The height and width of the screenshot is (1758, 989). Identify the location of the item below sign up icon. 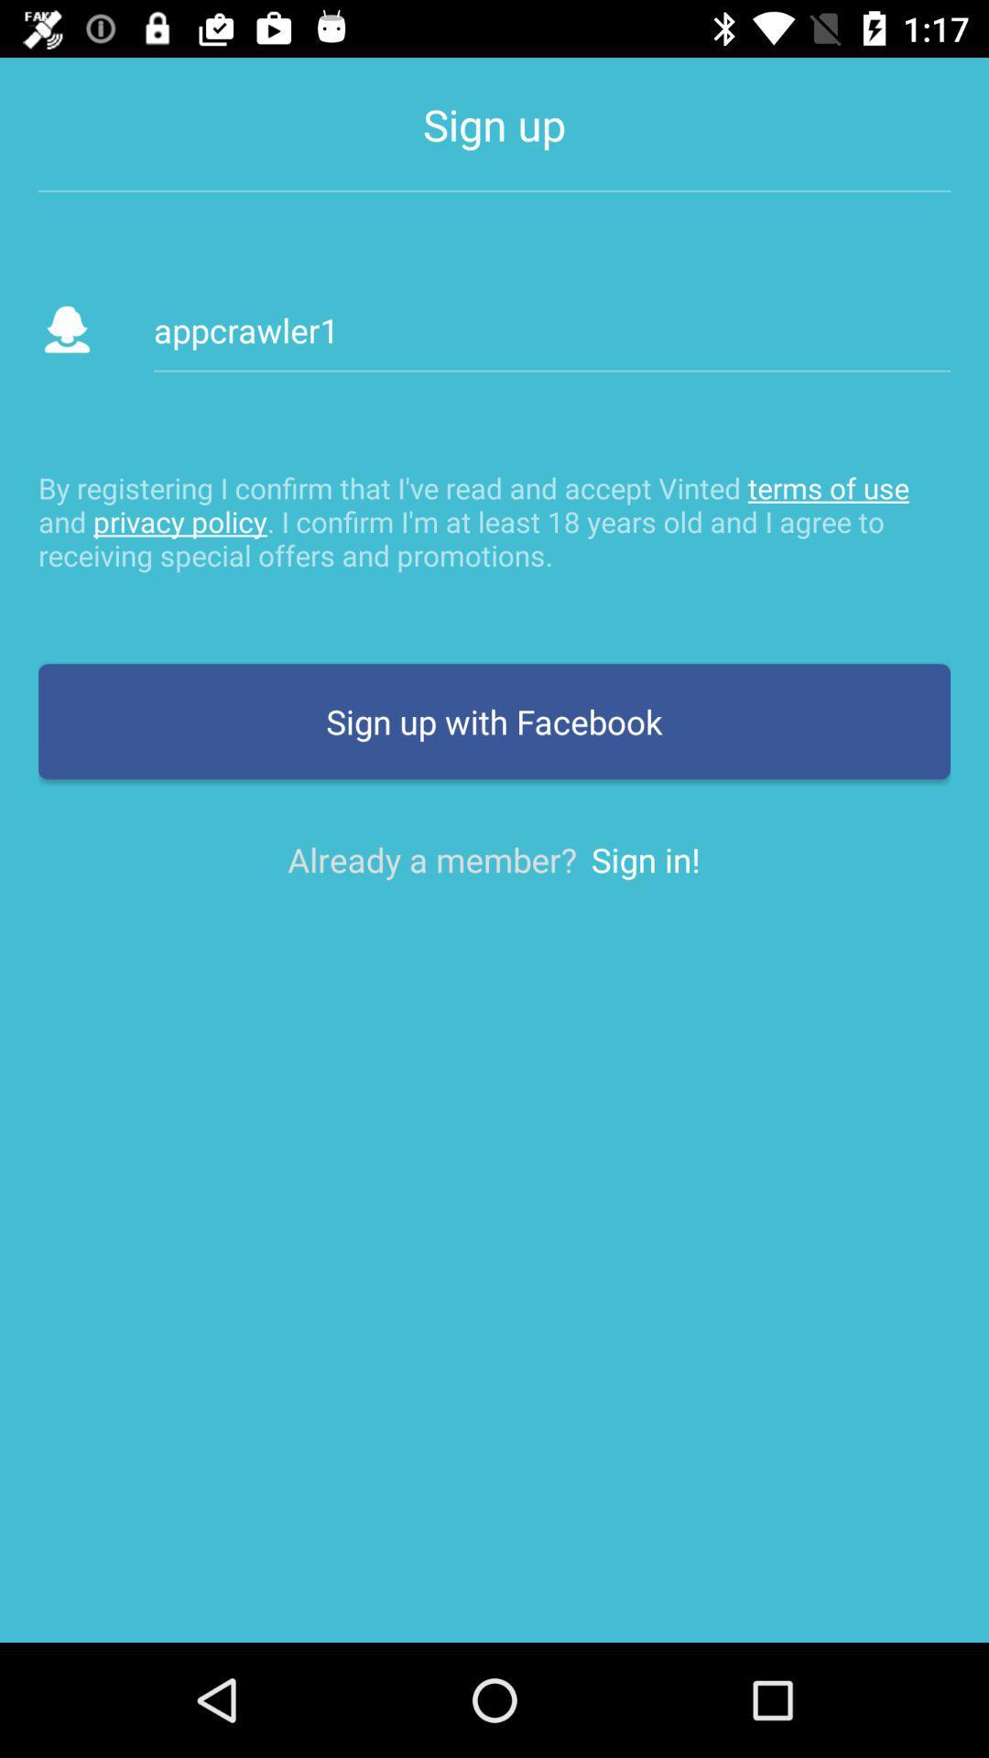
(550, 330).